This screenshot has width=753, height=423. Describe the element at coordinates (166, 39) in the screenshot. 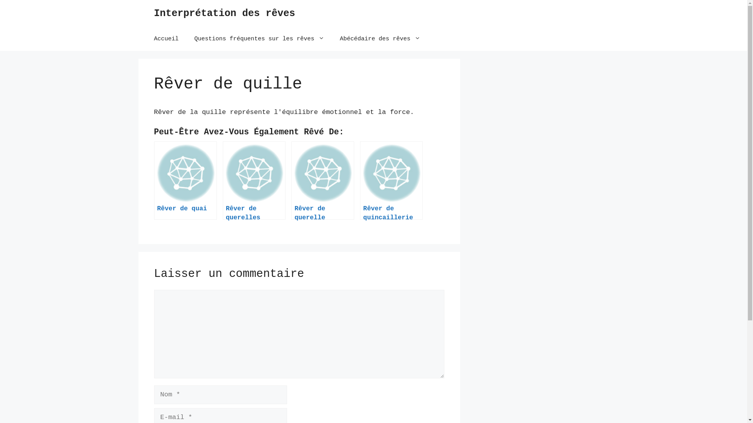

I see `'Accueil'` at that location.